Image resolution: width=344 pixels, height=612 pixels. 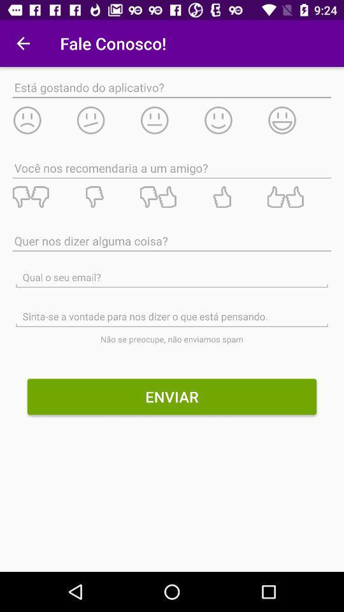 What do you see at coordinates (171, 197) in the screenshot?
I see `like or dislike fale conosco page` at bounding box center [171, 197].